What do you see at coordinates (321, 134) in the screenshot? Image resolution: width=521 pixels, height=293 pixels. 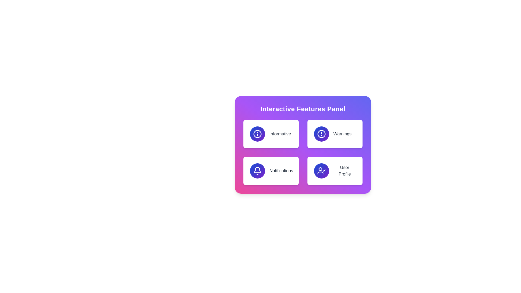 I see `the alert or warning indicator icon located in the top-right of the four-grid layout under 'Interactive Features Panel', next to the 'Informative' icon` at bounding box center [321, 134].